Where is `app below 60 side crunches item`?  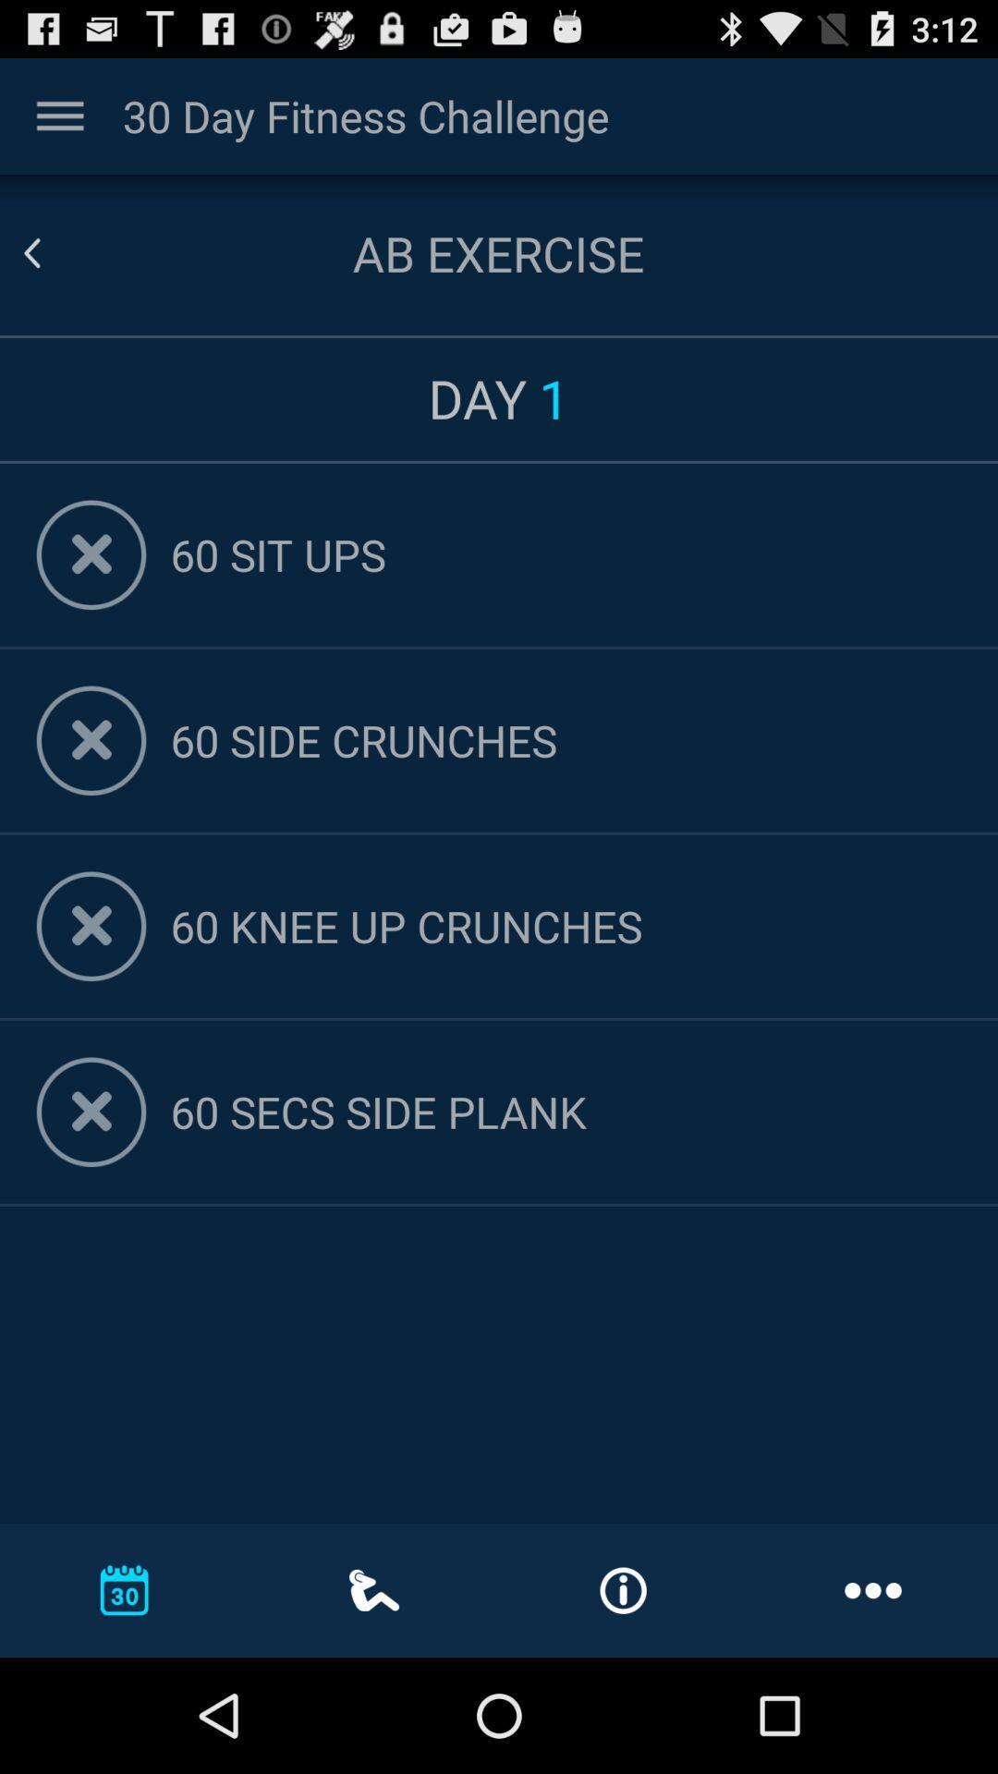
app below 60 side crunches item is located at coordinates (565, 926).